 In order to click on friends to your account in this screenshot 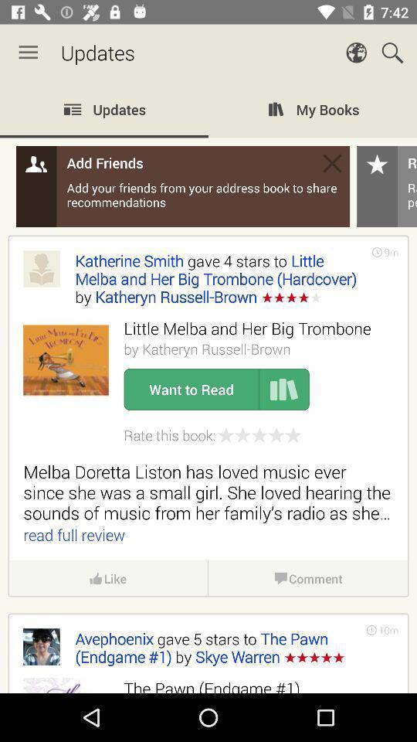, I will do `click(208, 386)`.